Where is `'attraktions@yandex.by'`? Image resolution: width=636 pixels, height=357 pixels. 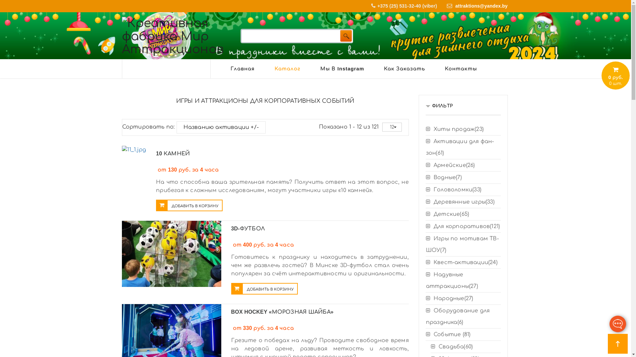 'attraktions@yandex.by' is located at coordinates (455, 6).